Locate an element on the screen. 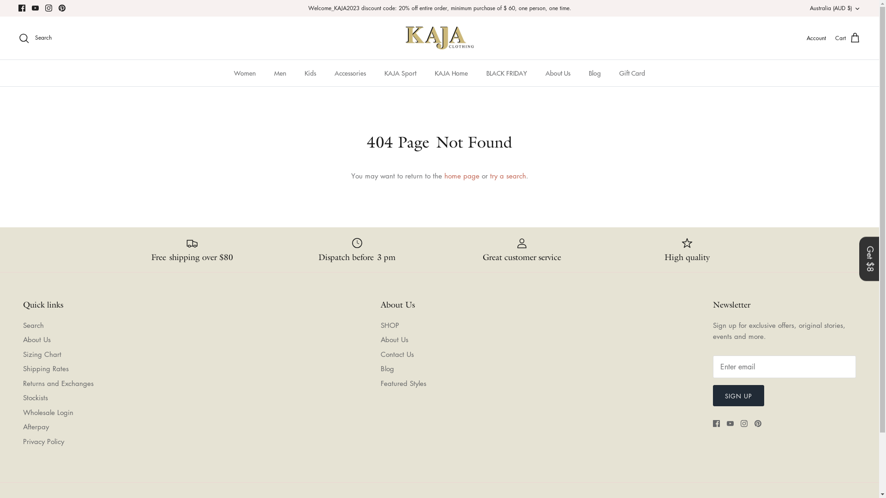 This screenshot has height=498, width=886. 'About Us' is located at coordinates (537, 72).